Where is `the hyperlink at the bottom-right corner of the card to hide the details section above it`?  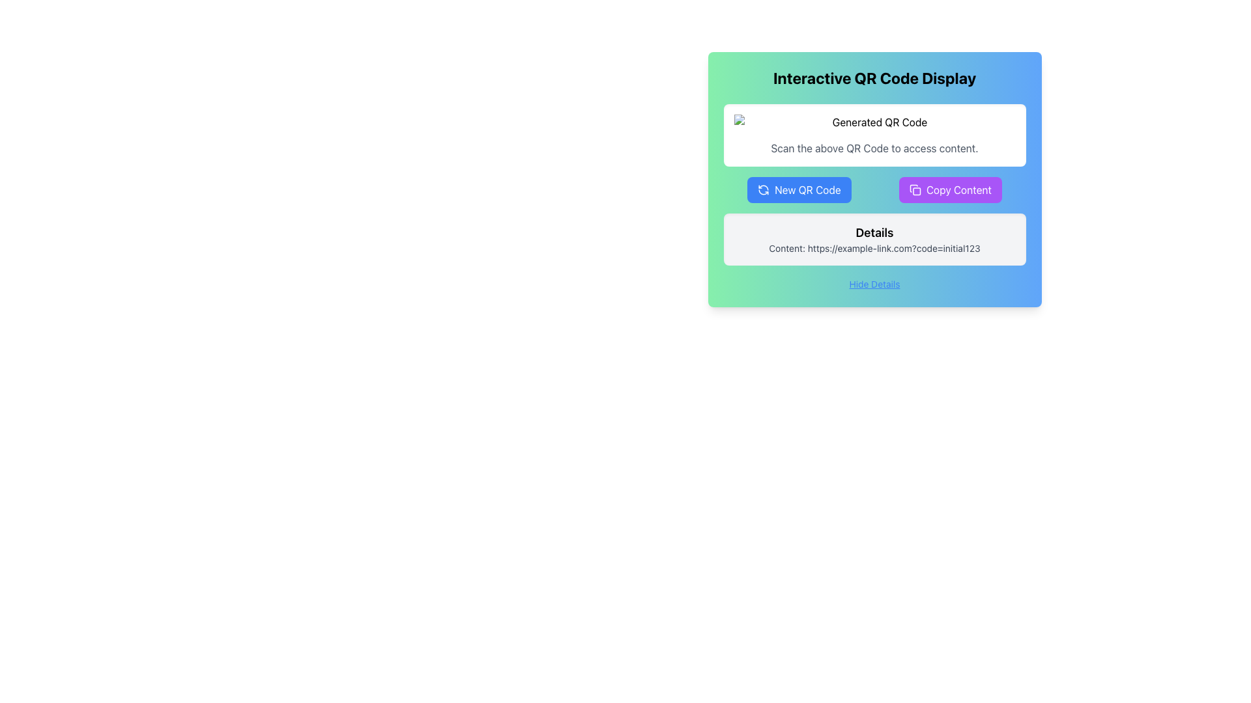 the hyperlink at the bottom-right corner of the card to hide the details section above it is located at coordinates (874, 283).